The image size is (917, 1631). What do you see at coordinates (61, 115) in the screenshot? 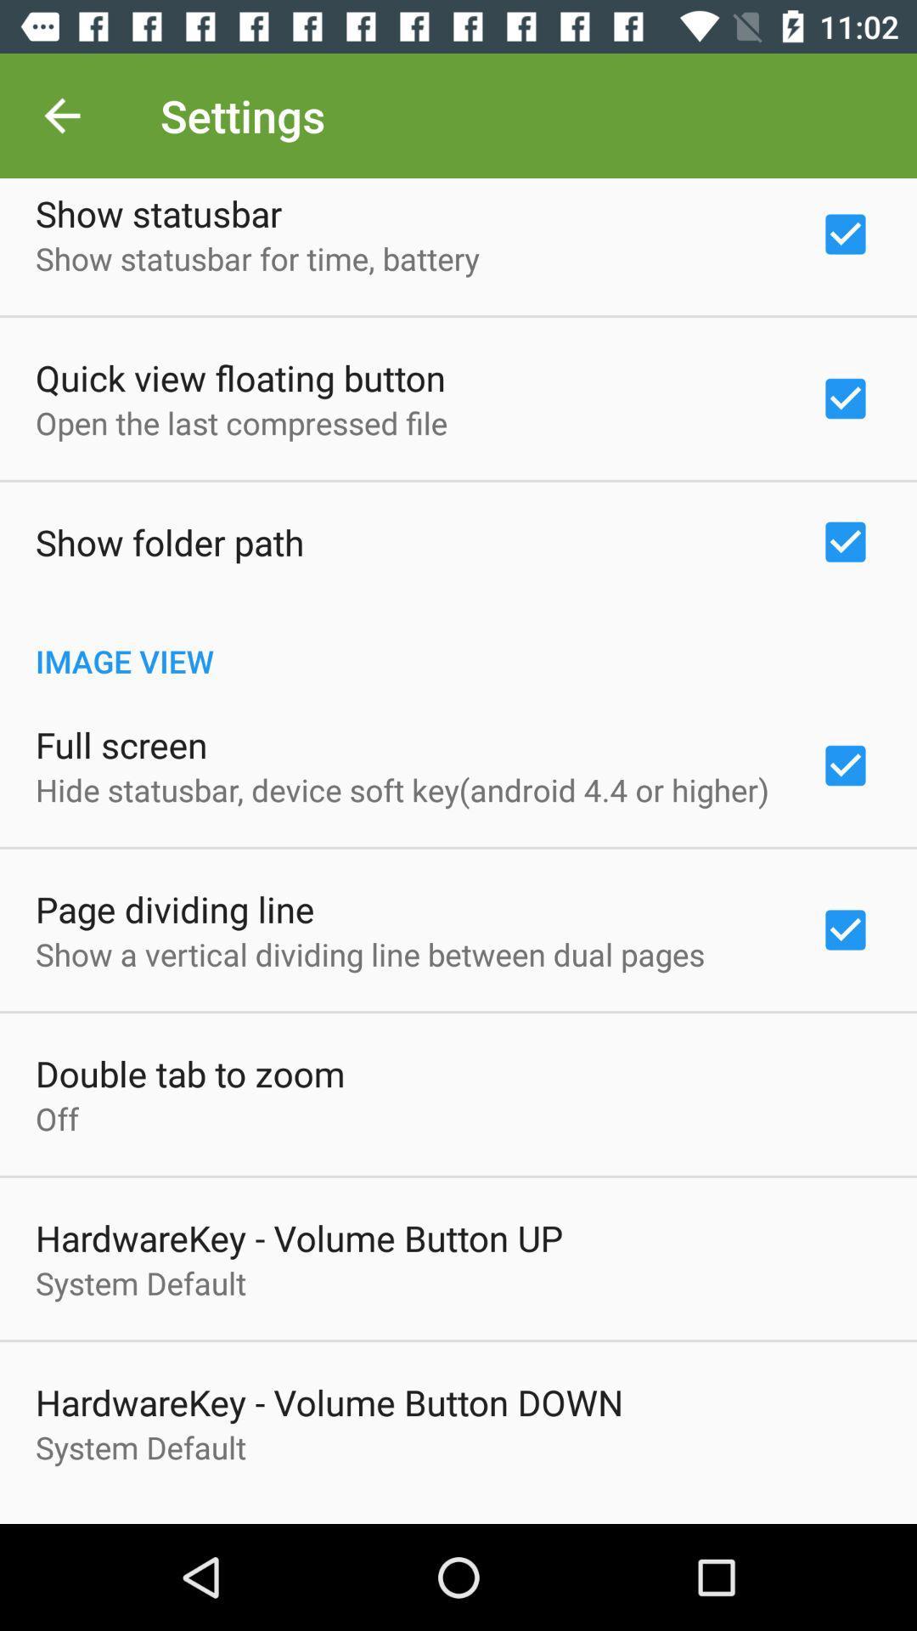
I see `the icon above the show statusbar item` at bounding box center [61, 115].